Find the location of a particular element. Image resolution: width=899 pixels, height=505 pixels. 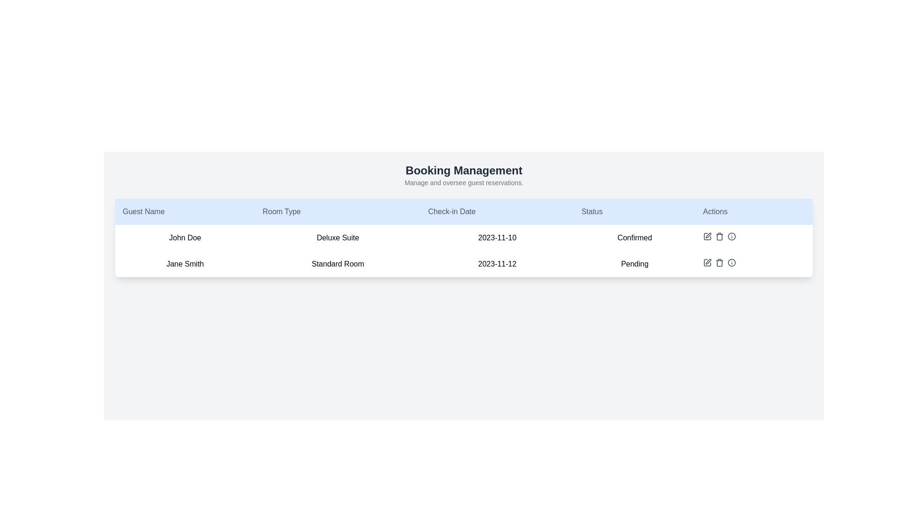

the first row of the booking list in the data table is located at coordinates (464, 238).